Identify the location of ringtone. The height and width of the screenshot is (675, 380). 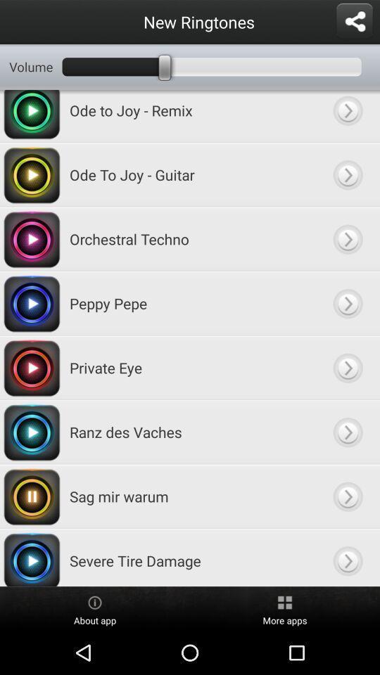
(347, 115).